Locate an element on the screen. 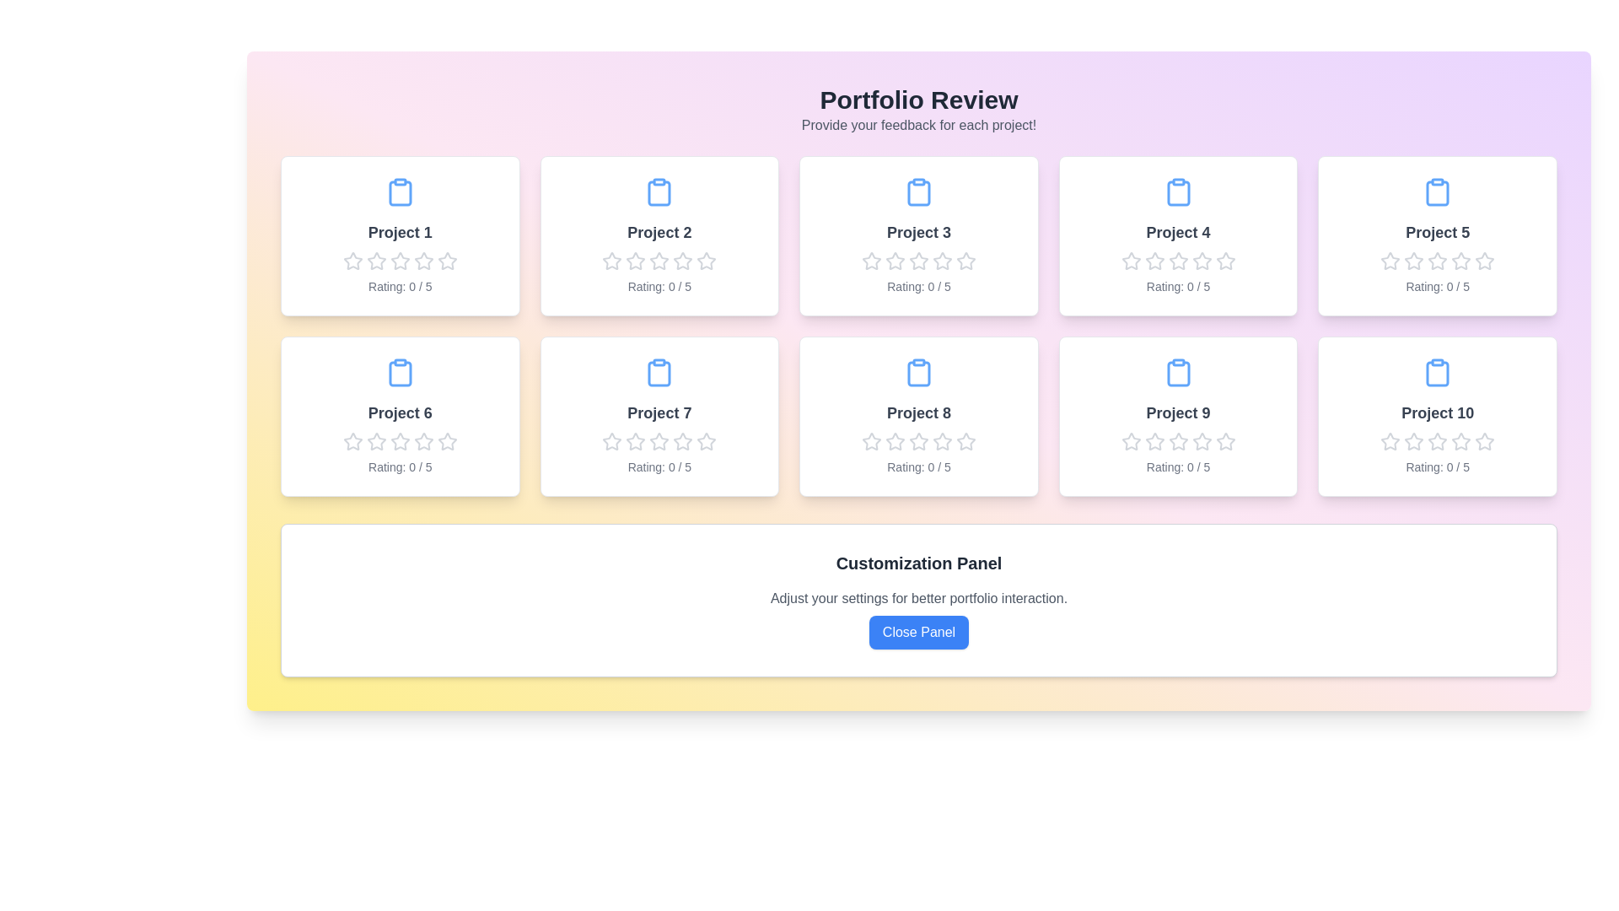 Image resolution: width=1619 pixels, height=911 pixels. the rating of a project to 1 stars by clicking on the corresponding star is located at coordinates (351, 261).